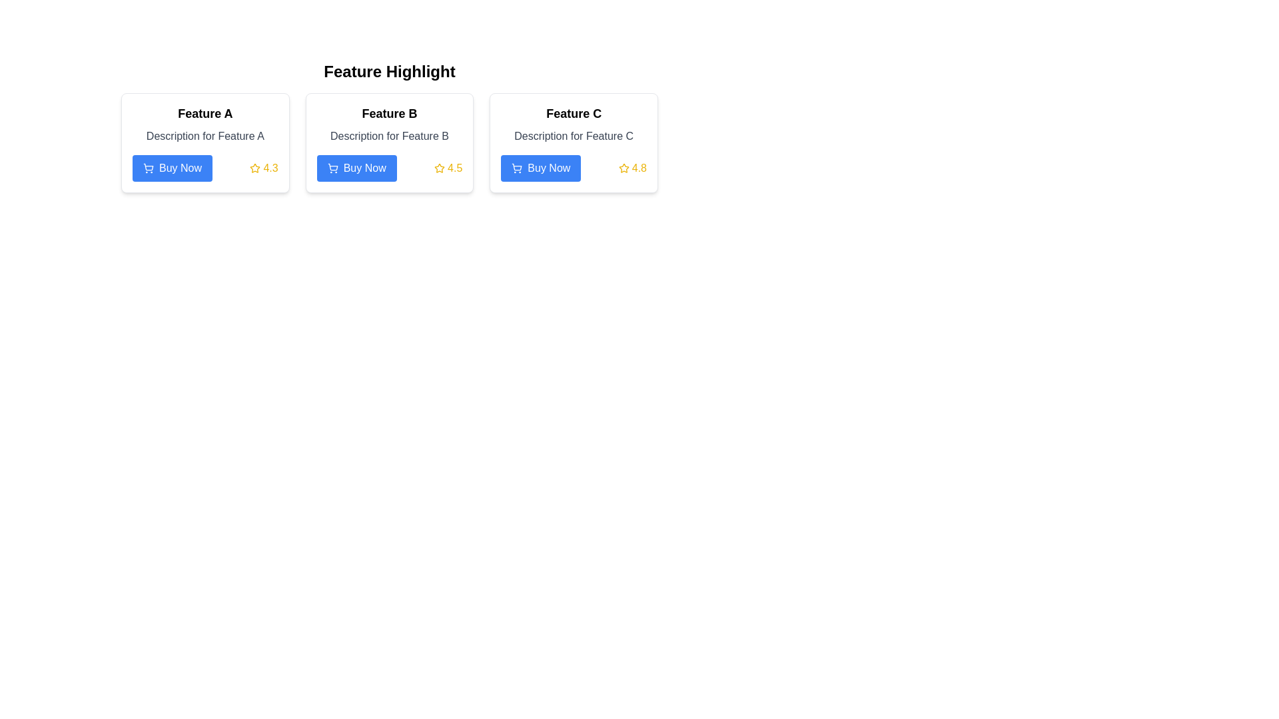  What do you see at coordinates (574, 168) in the screenshot?
I see `the purchase button in the Composite element located at the bottom of the 'Feature C' card to trigger a visual effect` at bounding box center [574, 168].